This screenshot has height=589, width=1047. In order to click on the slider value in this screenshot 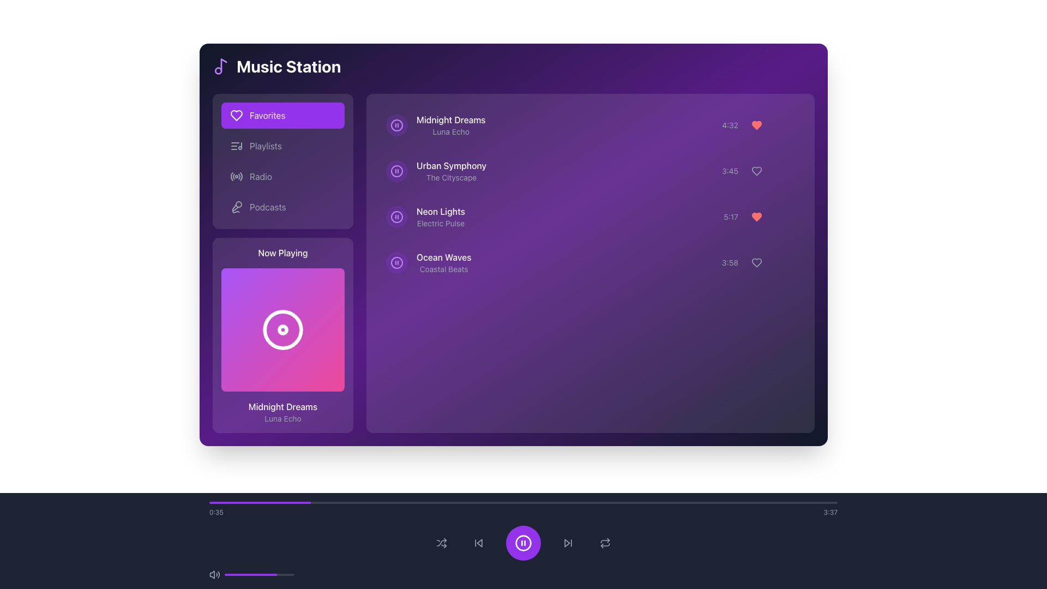, I will do `click(278, 574)`.